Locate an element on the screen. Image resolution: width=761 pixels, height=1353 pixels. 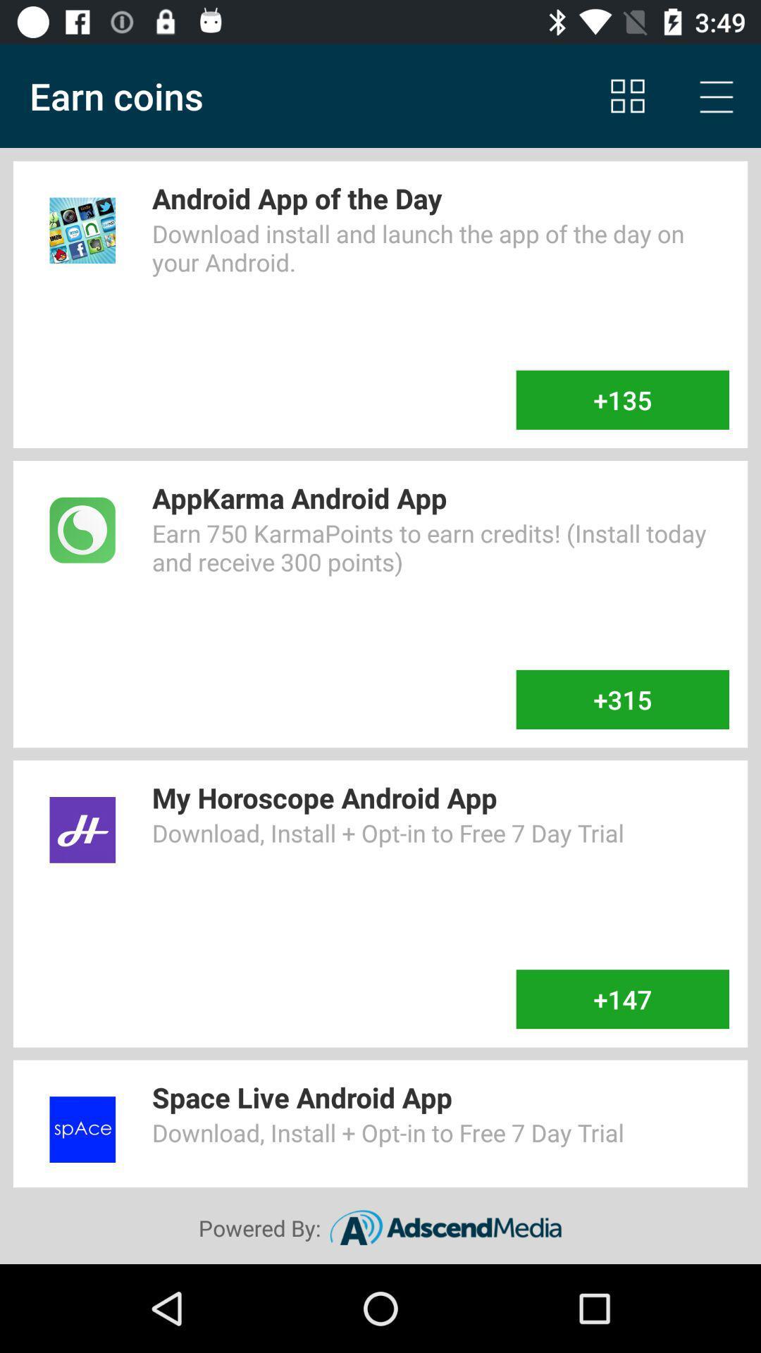
+135 icon is located at coordinates (621, 399).